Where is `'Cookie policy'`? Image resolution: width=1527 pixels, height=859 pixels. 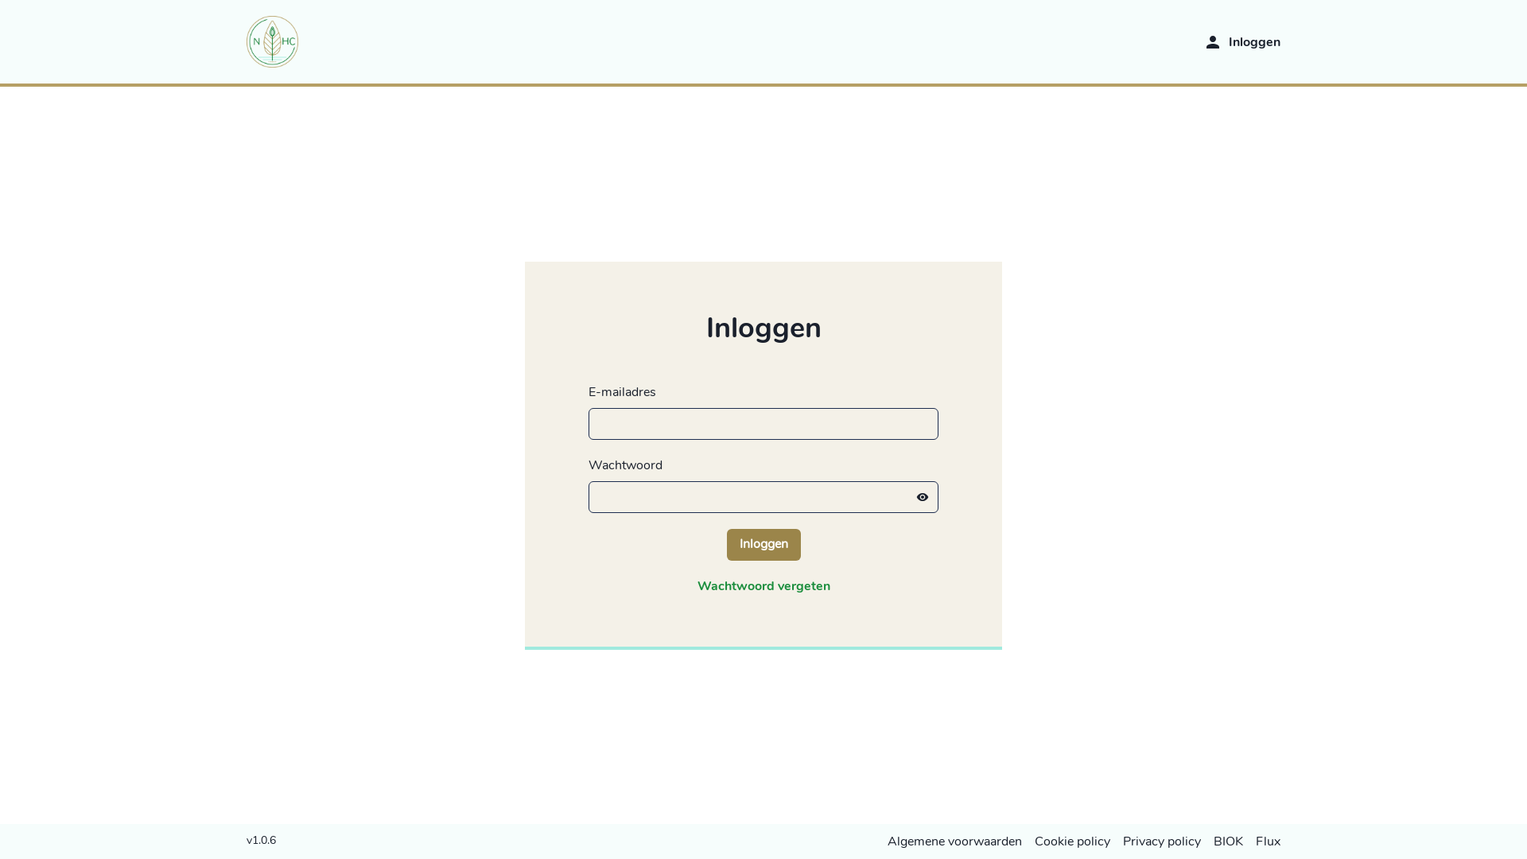
'Cookie policy' is located at coordinates (1034, 840).